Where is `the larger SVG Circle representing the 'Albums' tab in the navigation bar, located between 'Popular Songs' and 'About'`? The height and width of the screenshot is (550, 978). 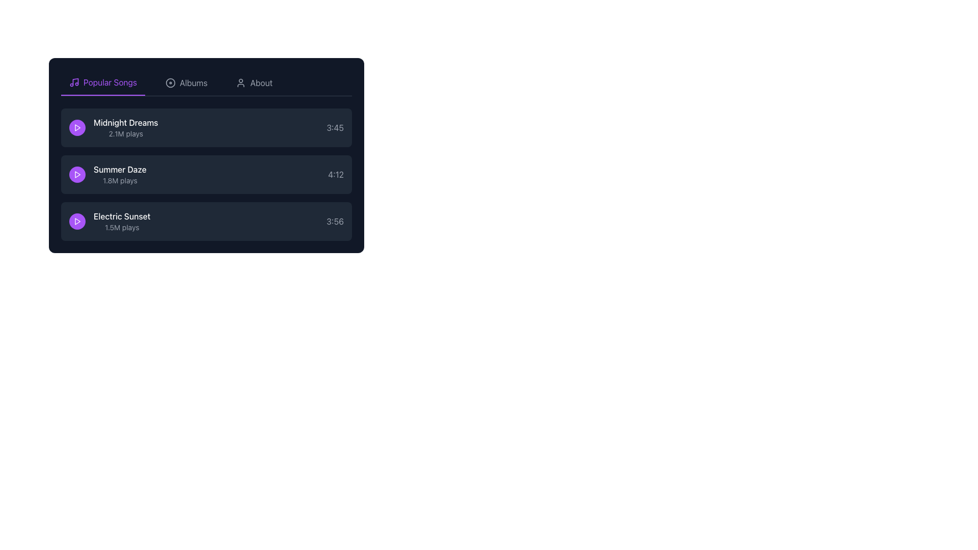 the larger SVG Circle representing the 'Albums' tab in the navigation bar, located between 'Popular Songs' and 'About' is located at coordinates (171, 82).